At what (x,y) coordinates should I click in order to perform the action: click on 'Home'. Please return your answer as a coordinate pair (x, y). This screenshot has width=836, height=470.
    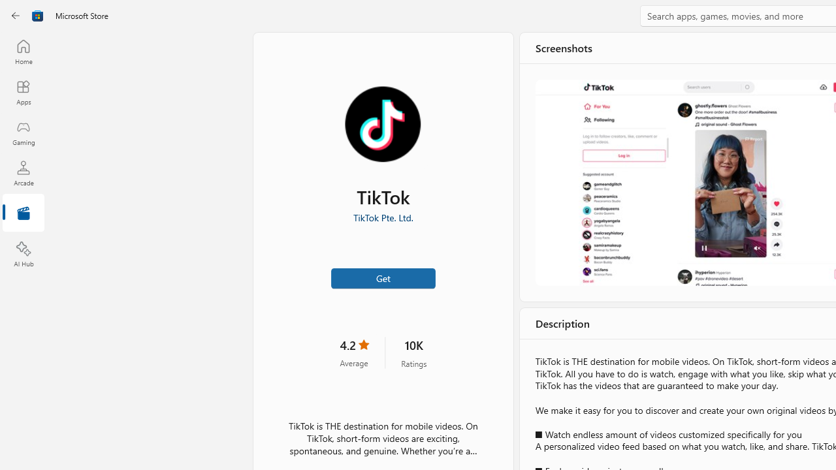
    Looking at the image, I should click on (23, 51).